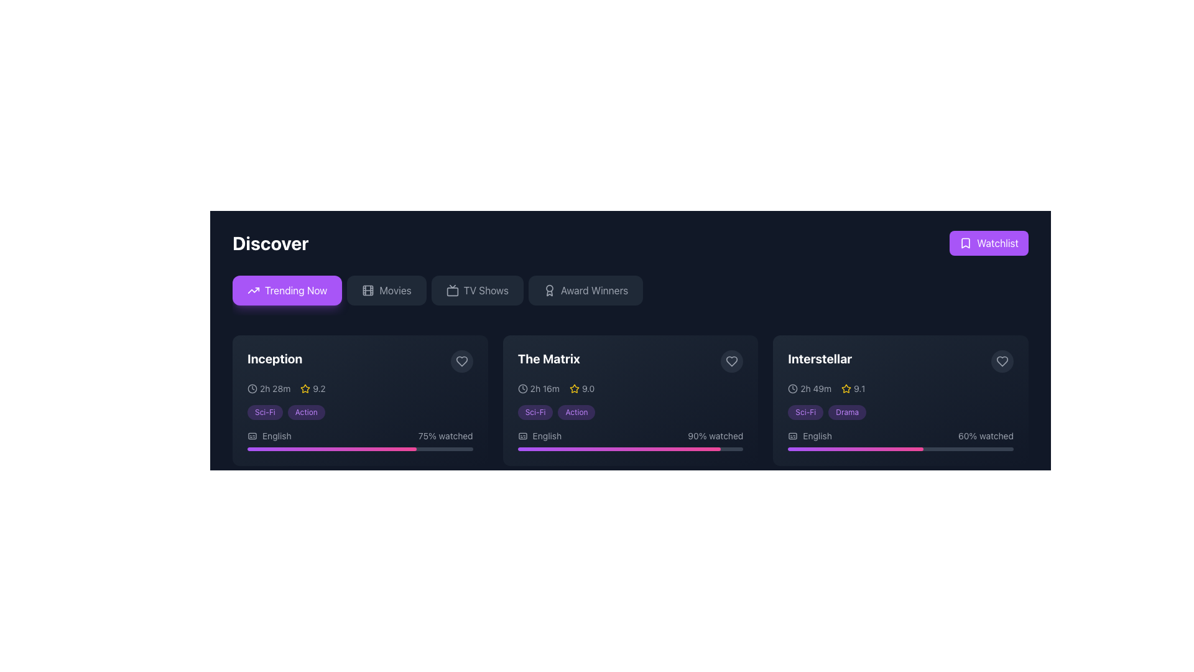  I want to click on watched progress, so click(820, 449).